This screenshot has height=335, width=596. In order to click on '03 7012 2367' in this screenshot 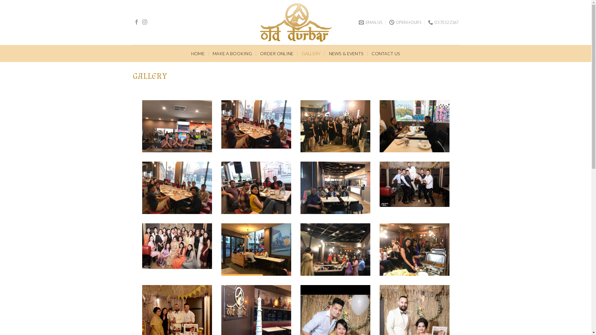, I will do `click(443, 22)`.